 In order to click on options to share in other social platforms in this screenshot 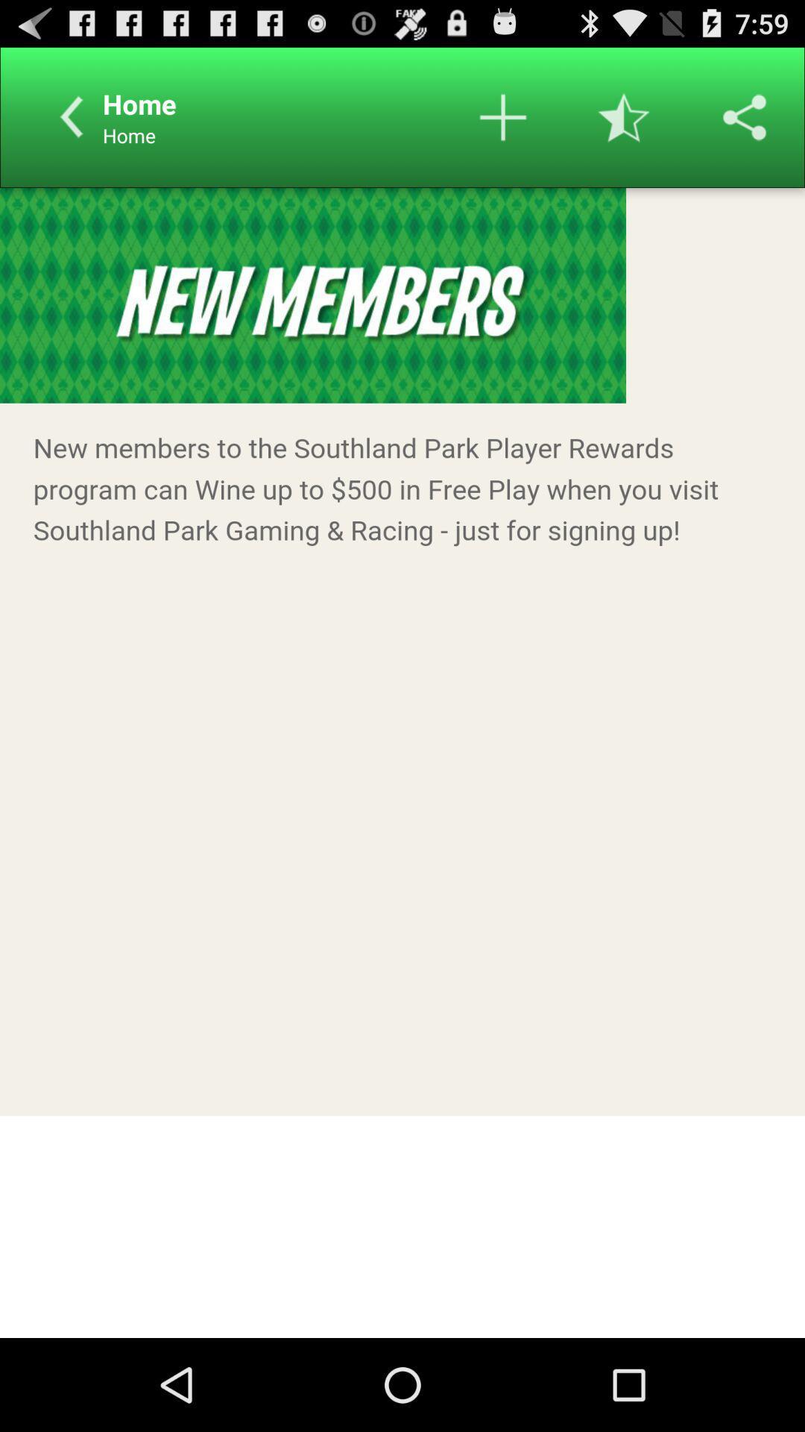, I will do `click(745, 116)`.